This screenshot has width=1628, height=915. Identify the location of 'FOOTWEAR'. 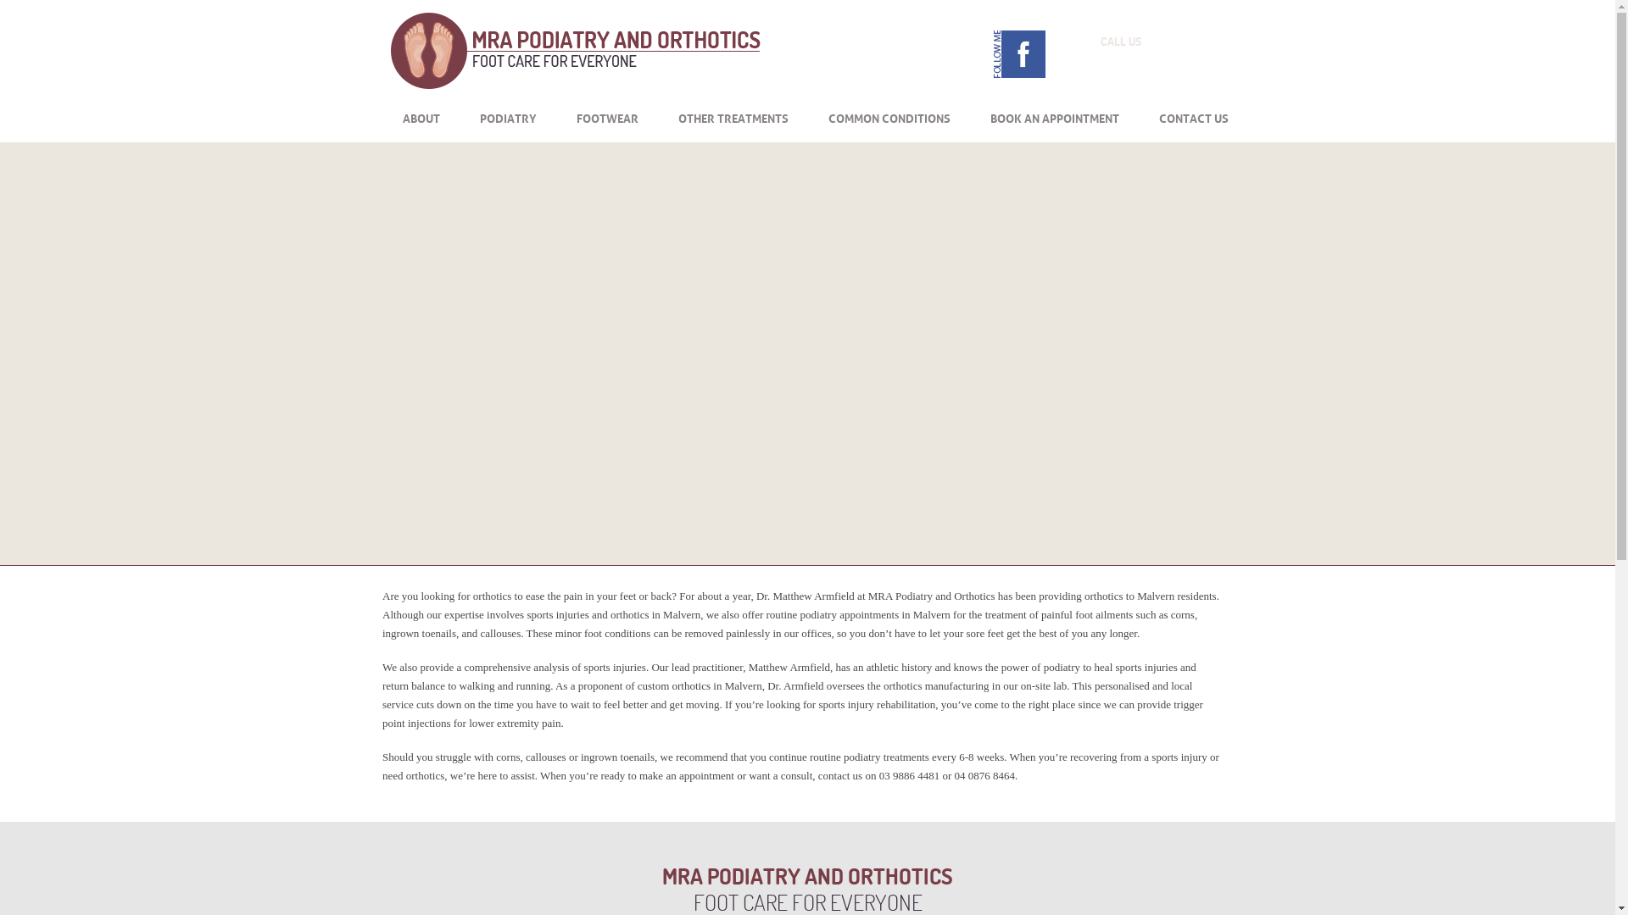
(607, 116).